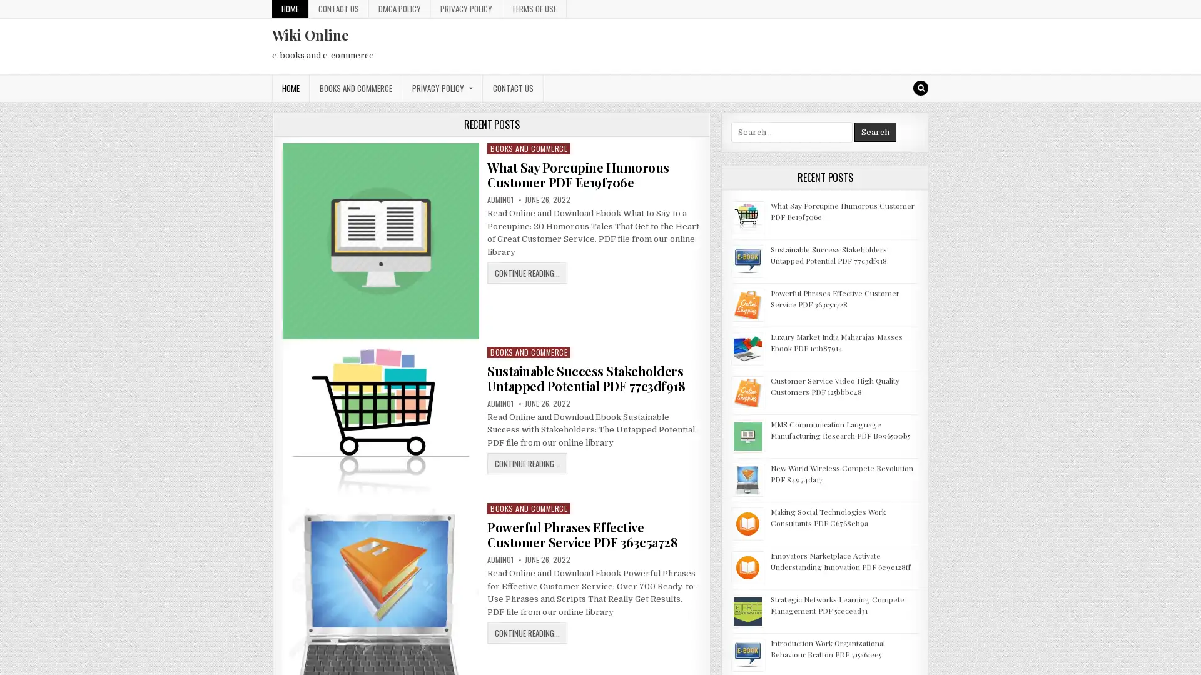  I want to click on Search, so click(874, 132).